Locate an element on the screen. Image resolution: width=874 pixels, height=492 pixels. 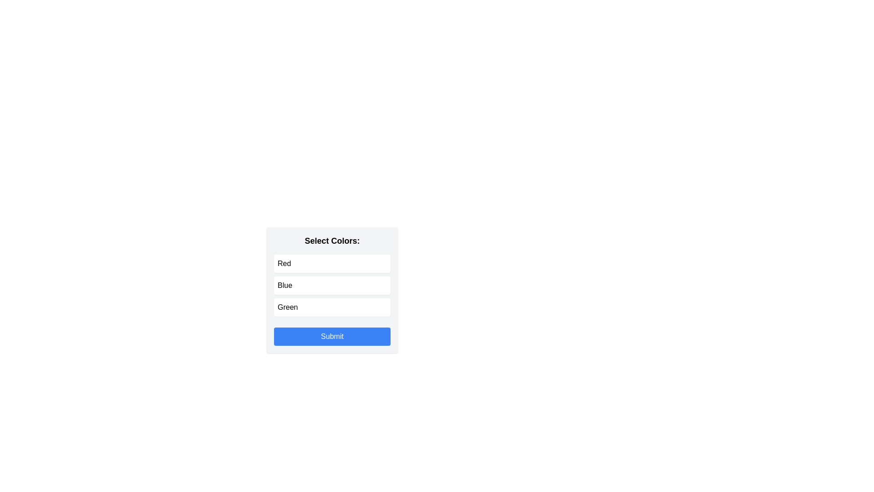
the selectable list item labeled 'Green', which is the third option in a vertical list of colors is located at coordinates (331, 307).